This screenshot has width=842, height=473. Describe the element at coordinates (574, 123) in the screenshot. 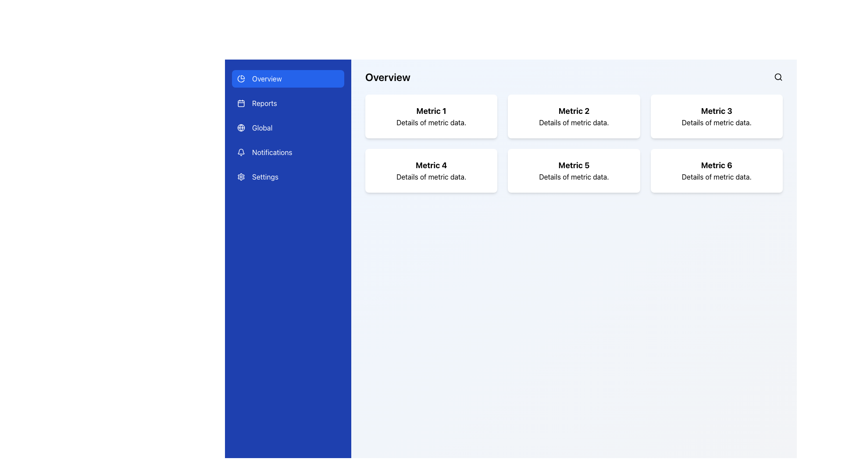

I see `the descriptive text label located inside the 'Metric 2' card in the second column of the first row, positioned below the card's title text` at that location.